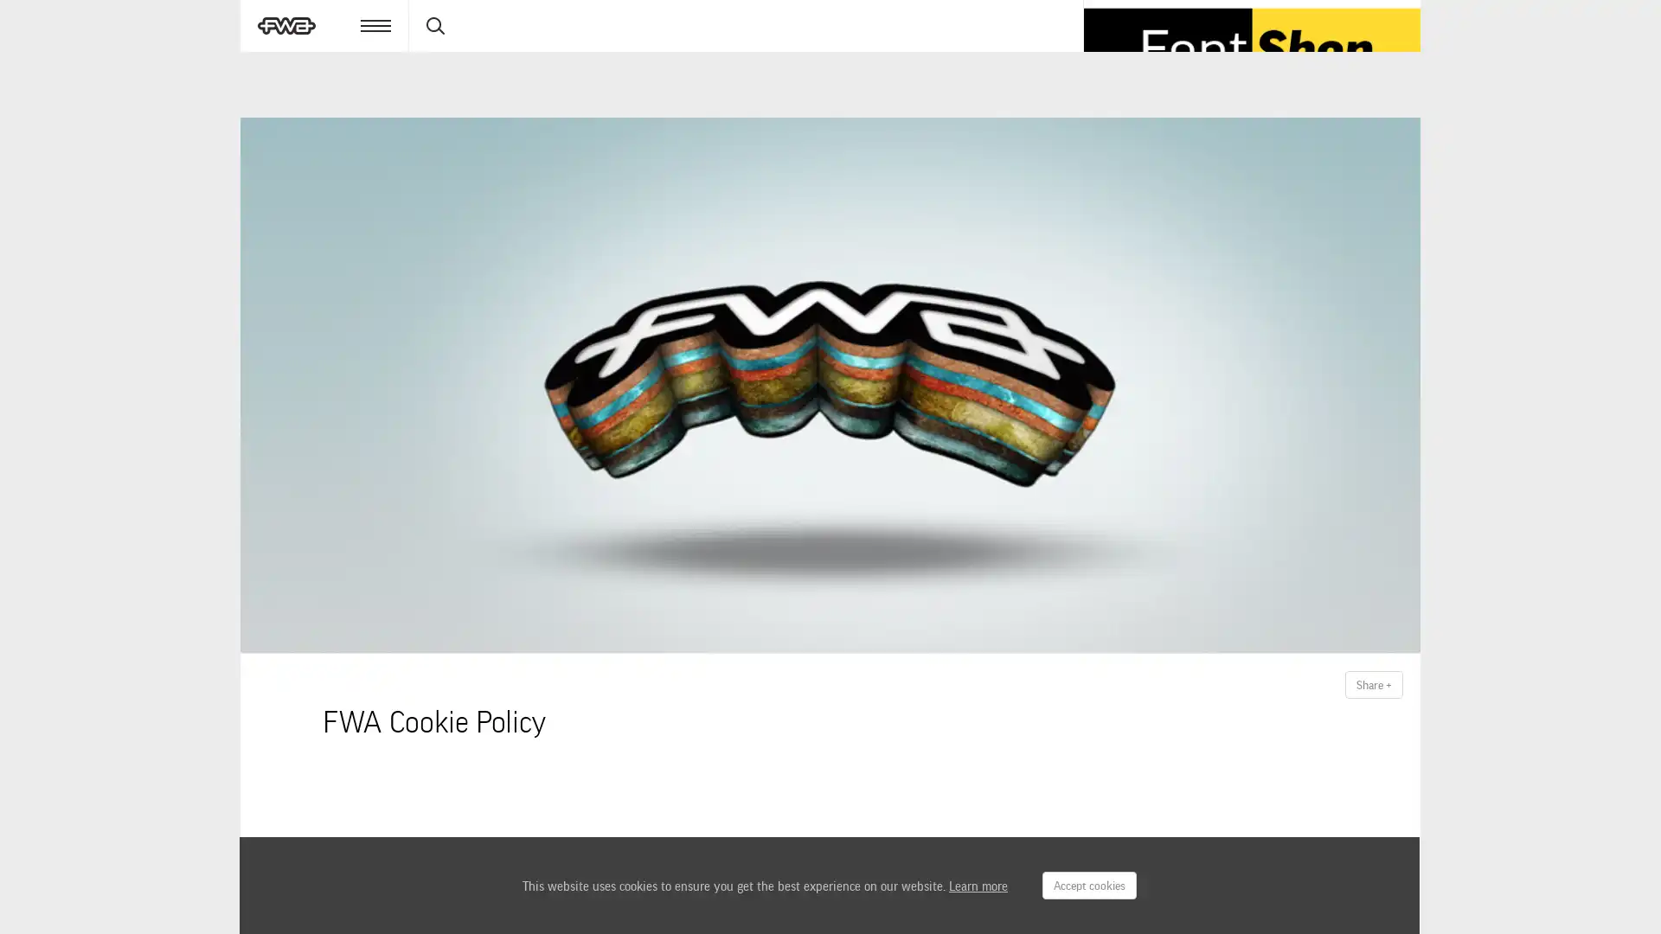 The image size is (1661, 934). What do you see at coordinates (1373, 685) in the screenshot?
I see `Share +` at bounding box center [1373, 685].